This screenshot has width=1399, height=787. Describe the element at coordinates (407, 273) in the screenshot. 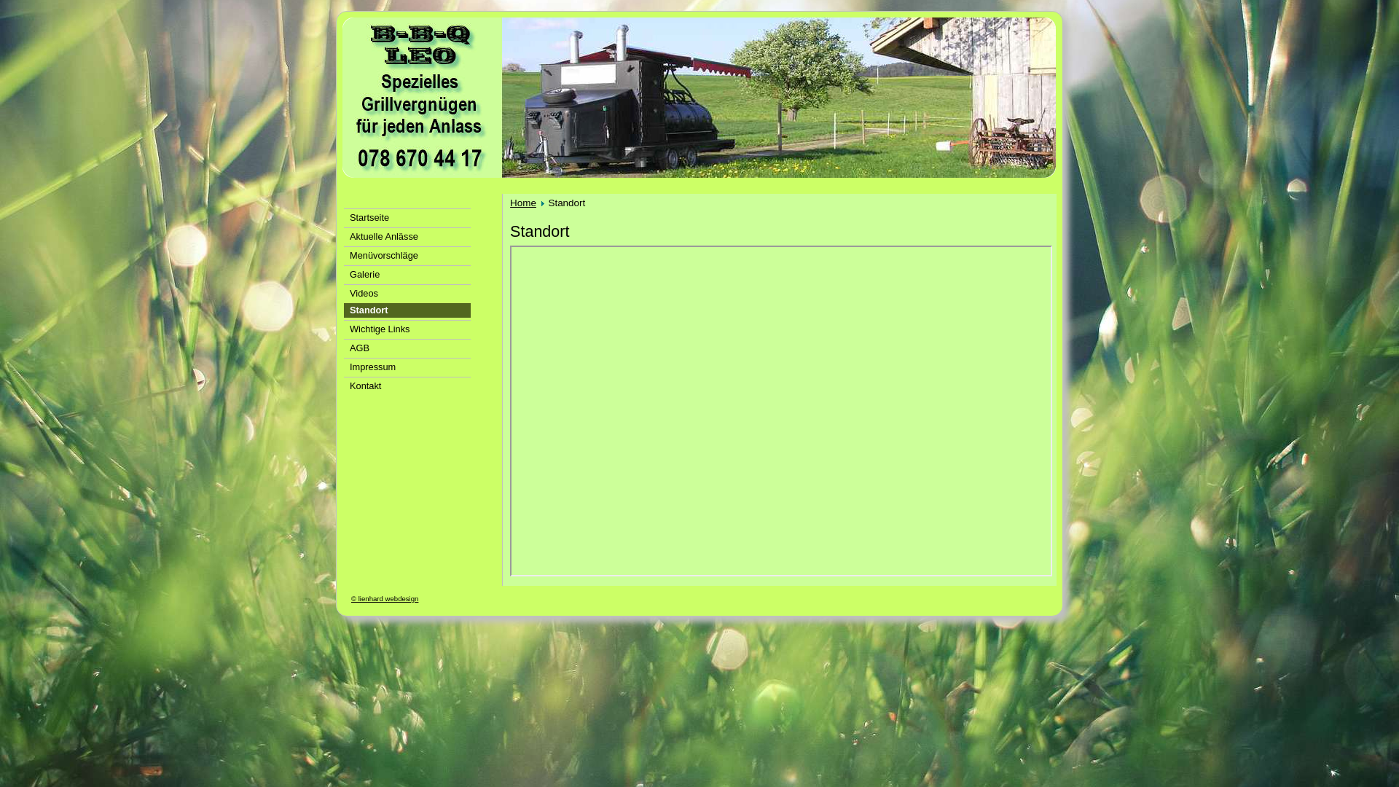

I see `'Galerie'` at that location.